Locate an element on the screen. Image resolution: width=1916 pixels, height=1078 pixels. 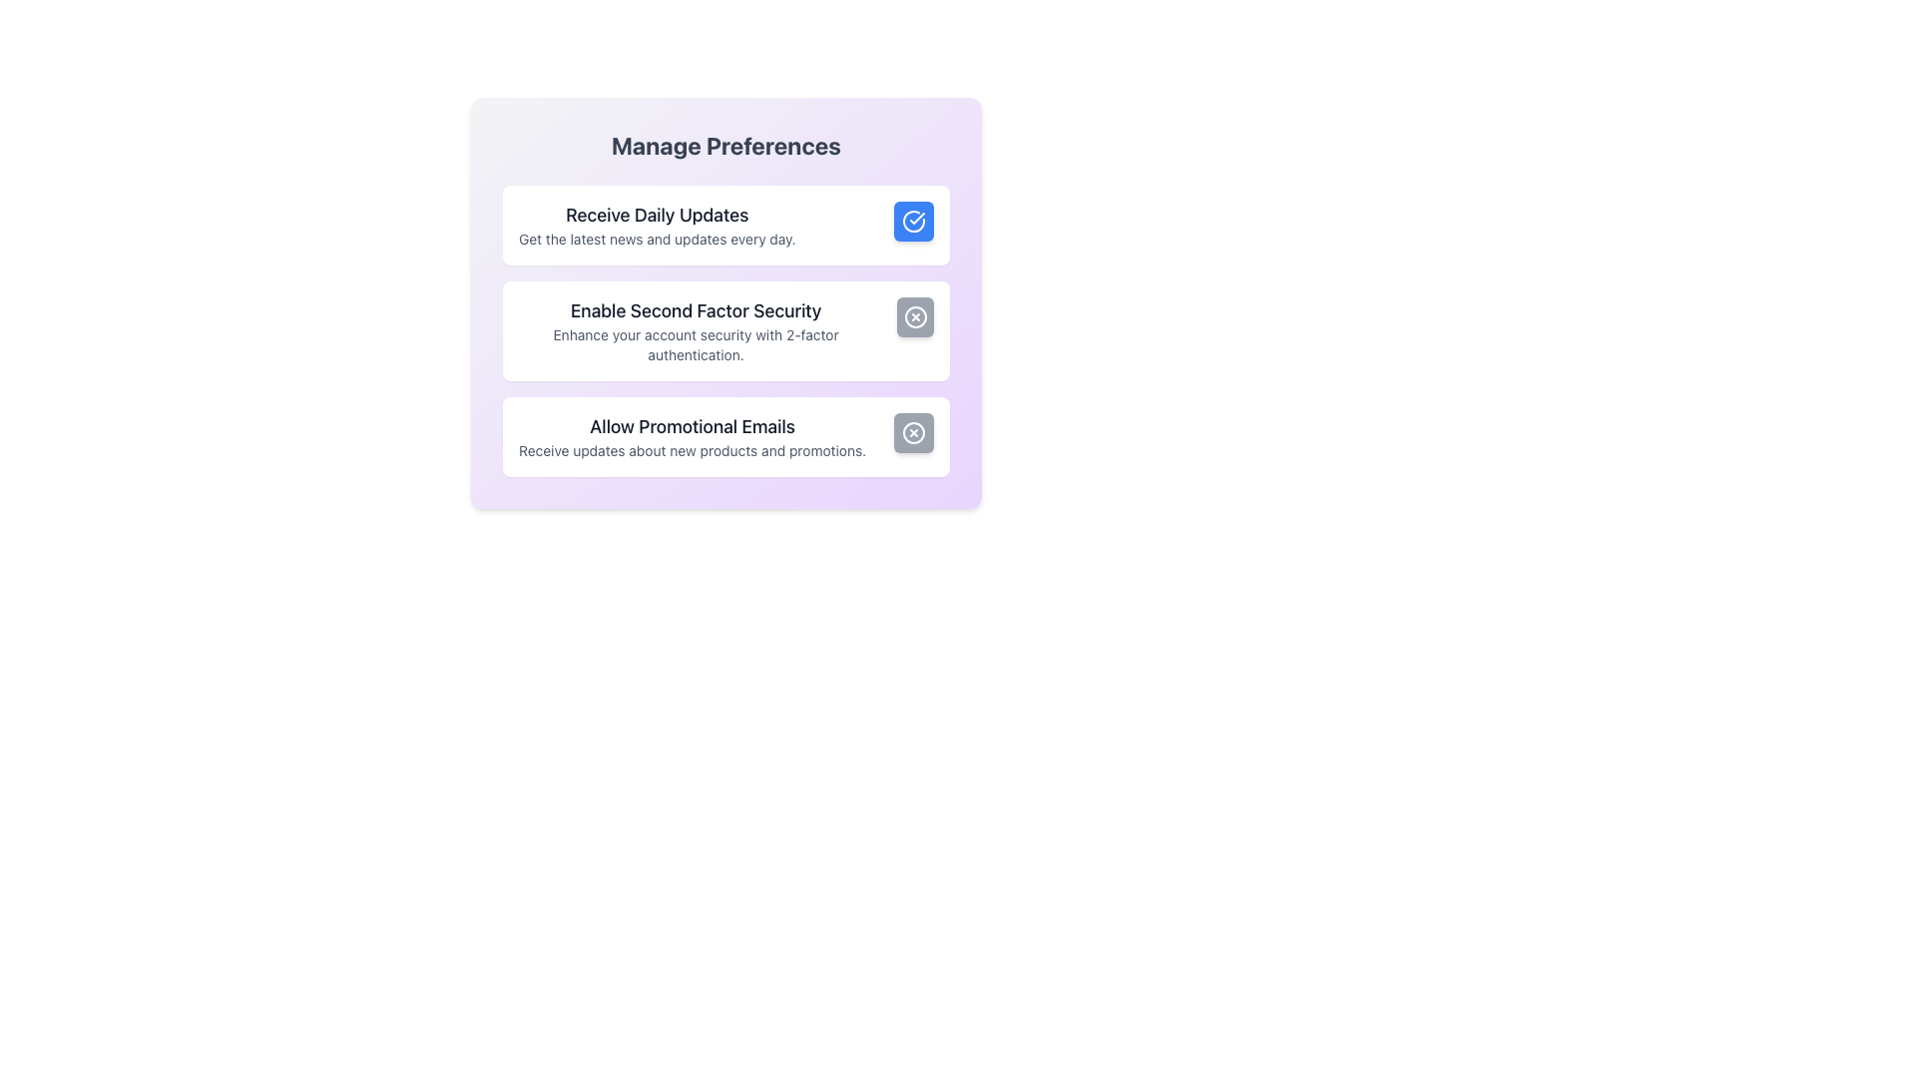
the checkmark icon inside a blue circle located to the right of the 'Receive Daily Updates' text in the 'Manage Preferences' section is located at coordinates (913, 222).